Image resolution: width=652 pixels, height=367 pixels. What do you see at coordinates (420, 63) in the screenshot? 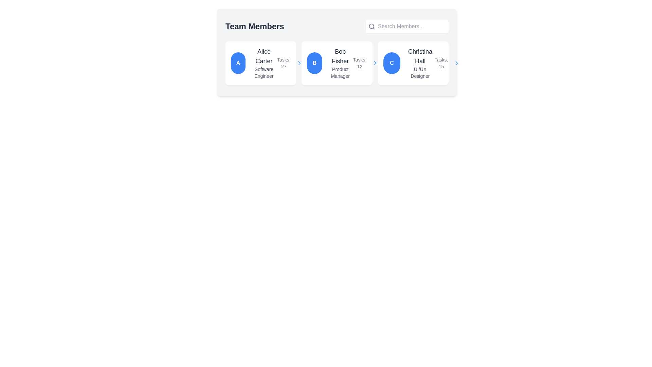
I see `text content from the profile card of 'Christina Hall', which displays 'Christina Hall' in bold and 'UI/UX Designer' below it` at bounding box center [420, 63].